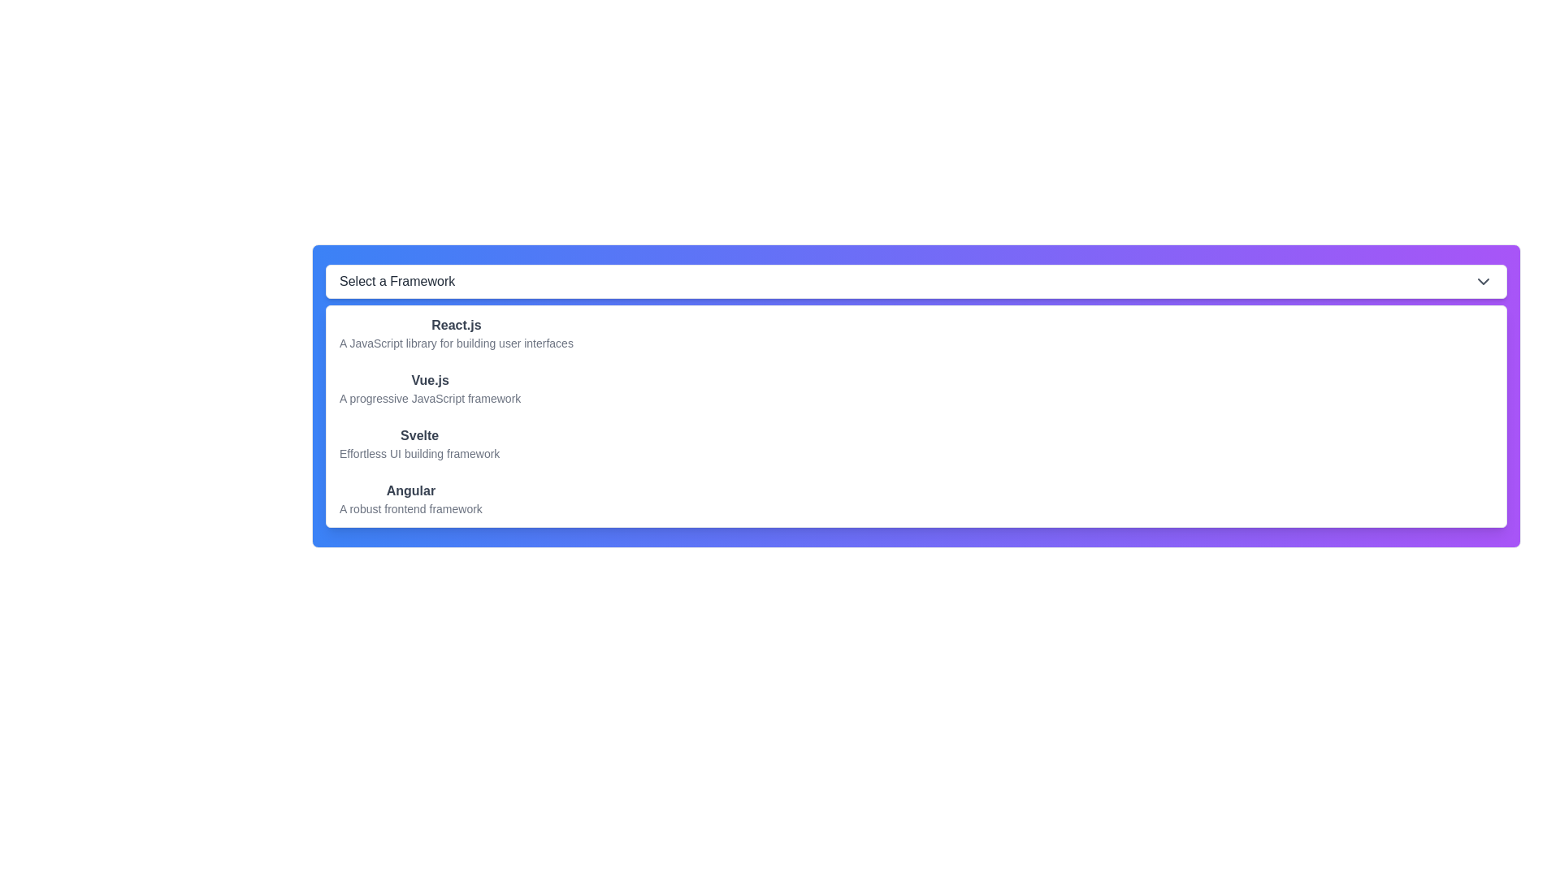  I want to click on the third option in the dropdown menu that represents the 'Svelte' JavaScript framework, so click(419, 444).